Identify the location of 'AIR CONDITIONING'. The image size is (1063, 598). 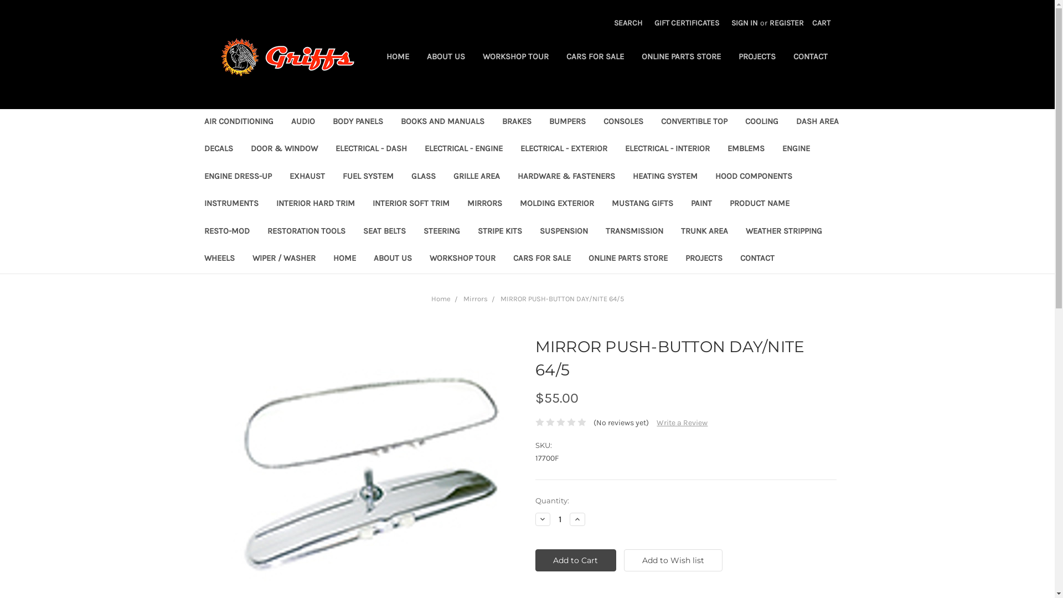
(238, 122).